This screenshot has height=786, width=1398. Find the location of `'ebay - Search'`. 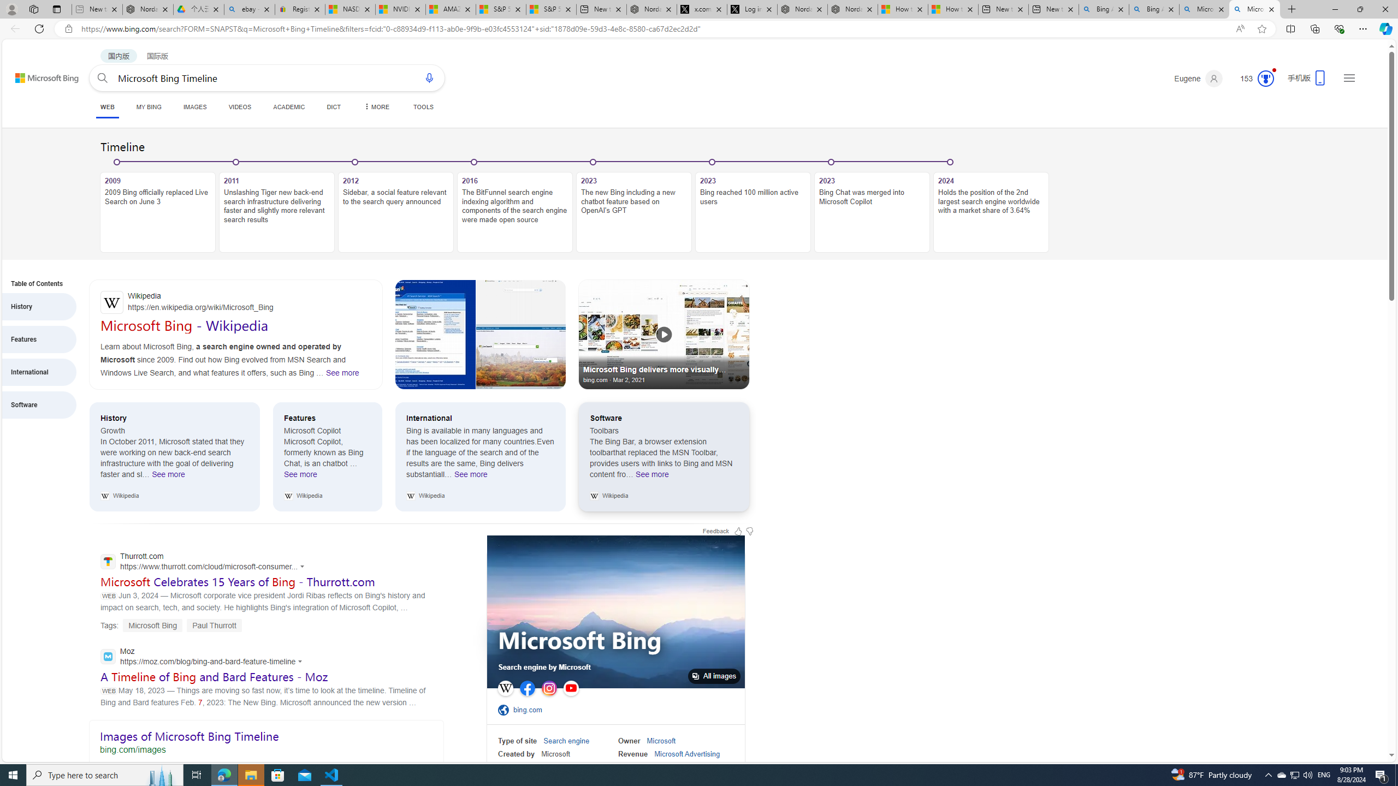

'ebay - Search' is located at coordinates (249, 9).